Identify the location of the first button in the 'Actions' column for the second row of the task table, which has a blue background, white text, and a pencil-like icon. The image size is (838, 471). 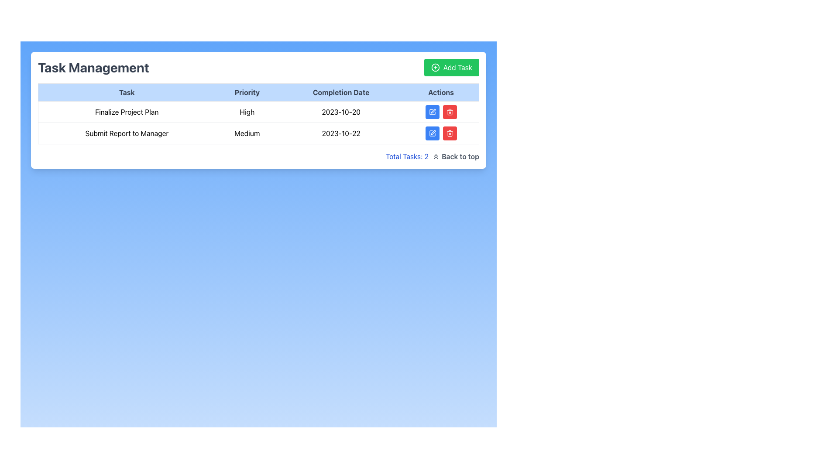
(432, 133).